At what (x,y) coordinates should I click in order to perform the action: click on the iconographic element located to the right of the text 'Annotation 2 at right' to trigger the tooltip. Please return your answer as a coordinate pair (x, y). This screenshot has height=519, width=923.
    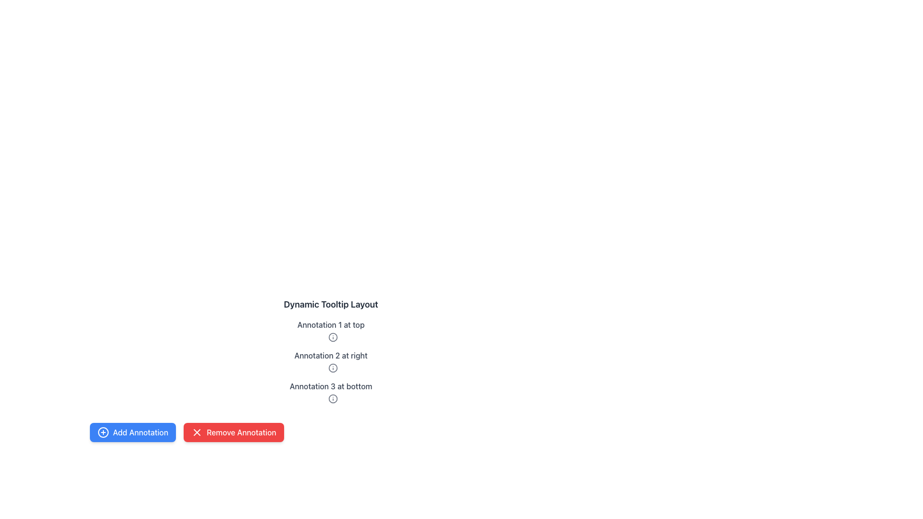
    Looking at the image, I should click on (333, 368).